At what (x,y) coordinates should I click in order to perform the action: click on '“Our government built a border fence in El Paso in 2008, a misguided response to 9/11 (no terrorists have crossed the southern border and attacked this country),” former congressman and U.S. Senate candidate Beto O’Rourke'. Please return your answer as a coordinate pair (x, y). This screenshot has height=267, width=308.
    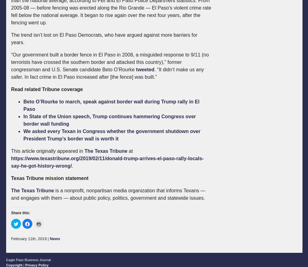
    Looking at the image, I should click on (11, 62).